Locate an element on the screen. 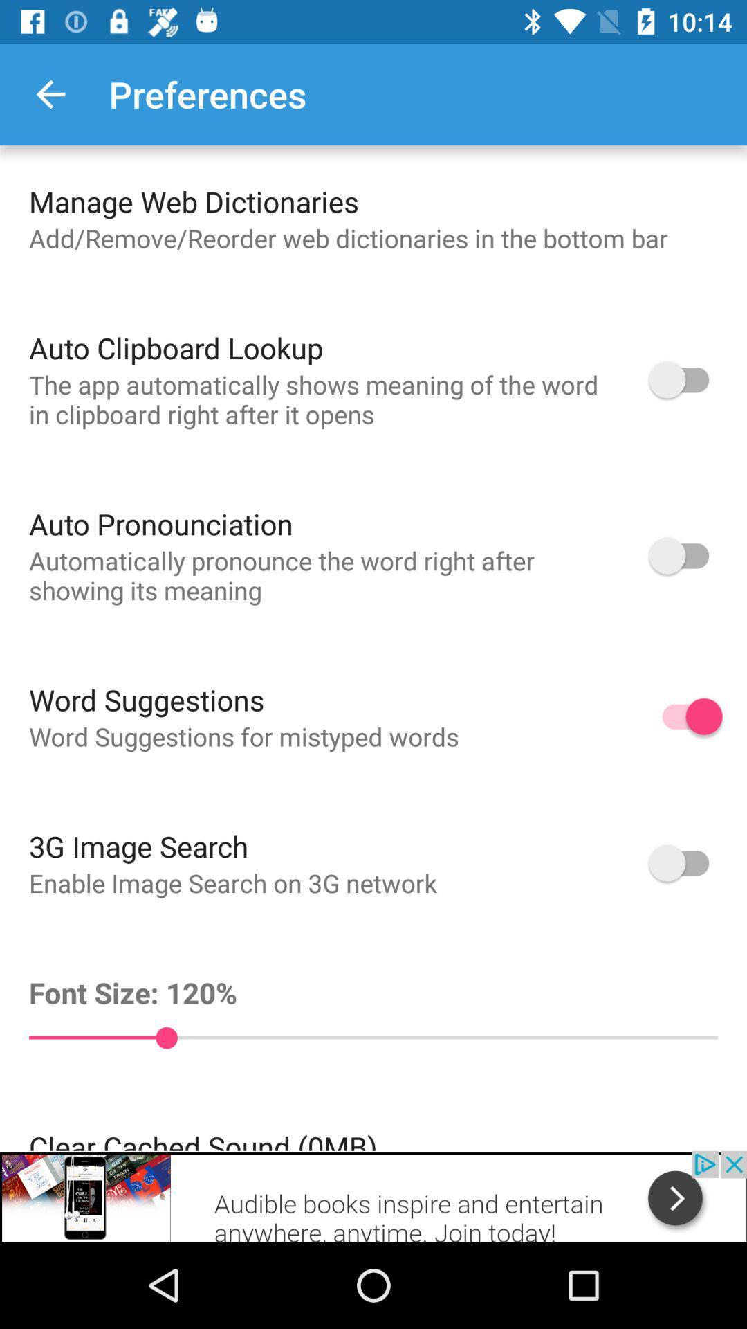  check option is located at coordinates (685, 862).